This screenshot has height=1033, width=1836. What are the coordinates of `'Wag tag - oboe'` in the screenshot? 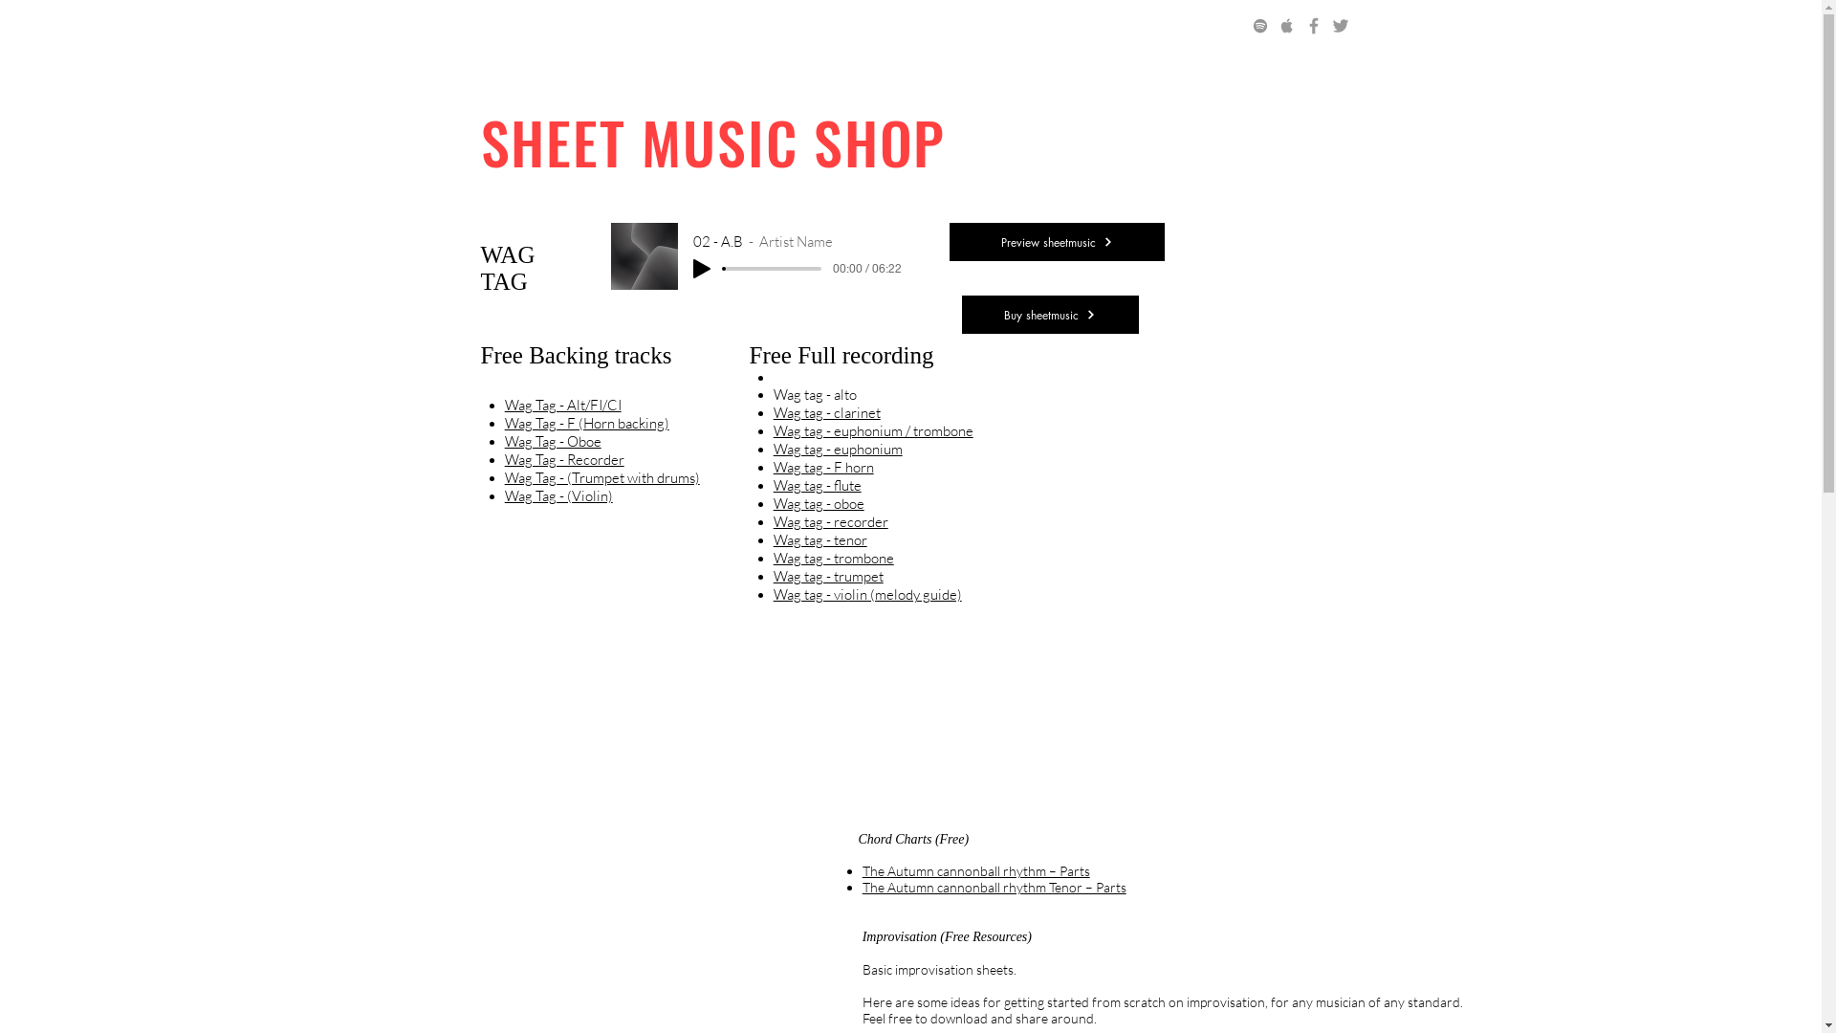 It's located at (819, 502).